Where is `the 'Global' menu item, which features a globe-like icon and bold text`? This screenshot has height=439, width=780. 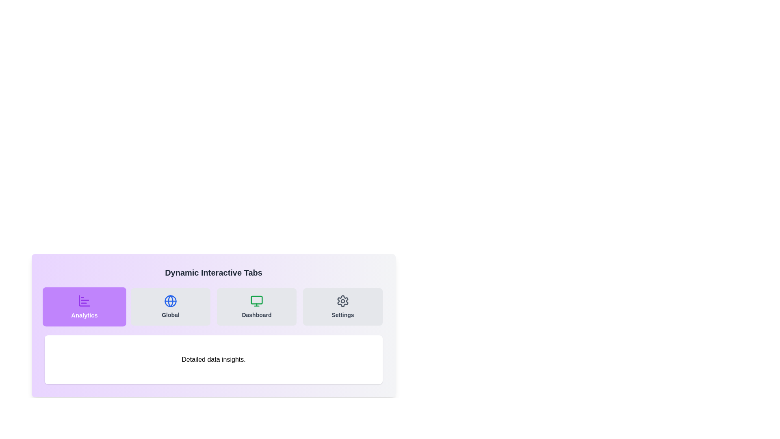
the 'Global' menu item, which features a globe-like icon and bold text is located at coordinates (170, 307).